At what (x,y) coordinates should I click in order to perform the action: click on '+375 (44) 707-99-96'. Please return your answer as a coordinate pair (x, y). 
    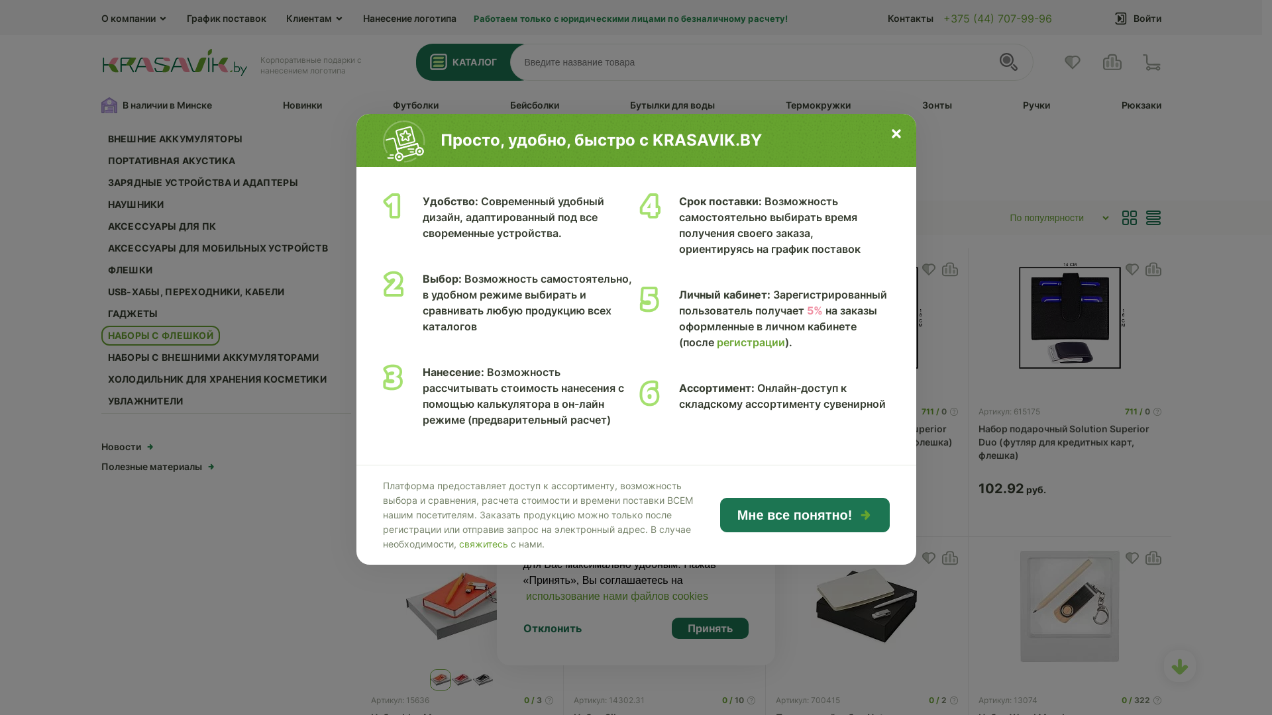
    Looking at the image, I should click on (998, 18).